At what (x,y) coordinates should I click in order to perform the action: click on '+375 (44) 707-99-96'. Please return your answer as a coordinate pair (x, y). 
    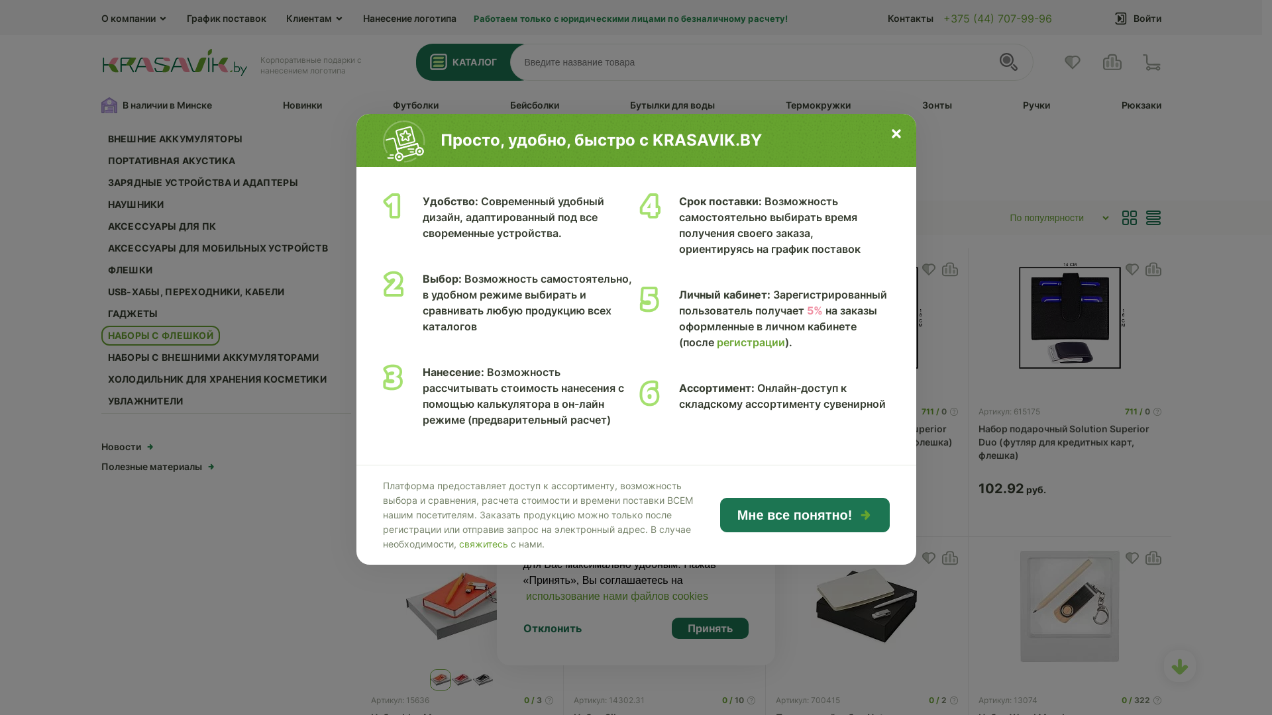
    Looking at the image, I should click on (998, 18).